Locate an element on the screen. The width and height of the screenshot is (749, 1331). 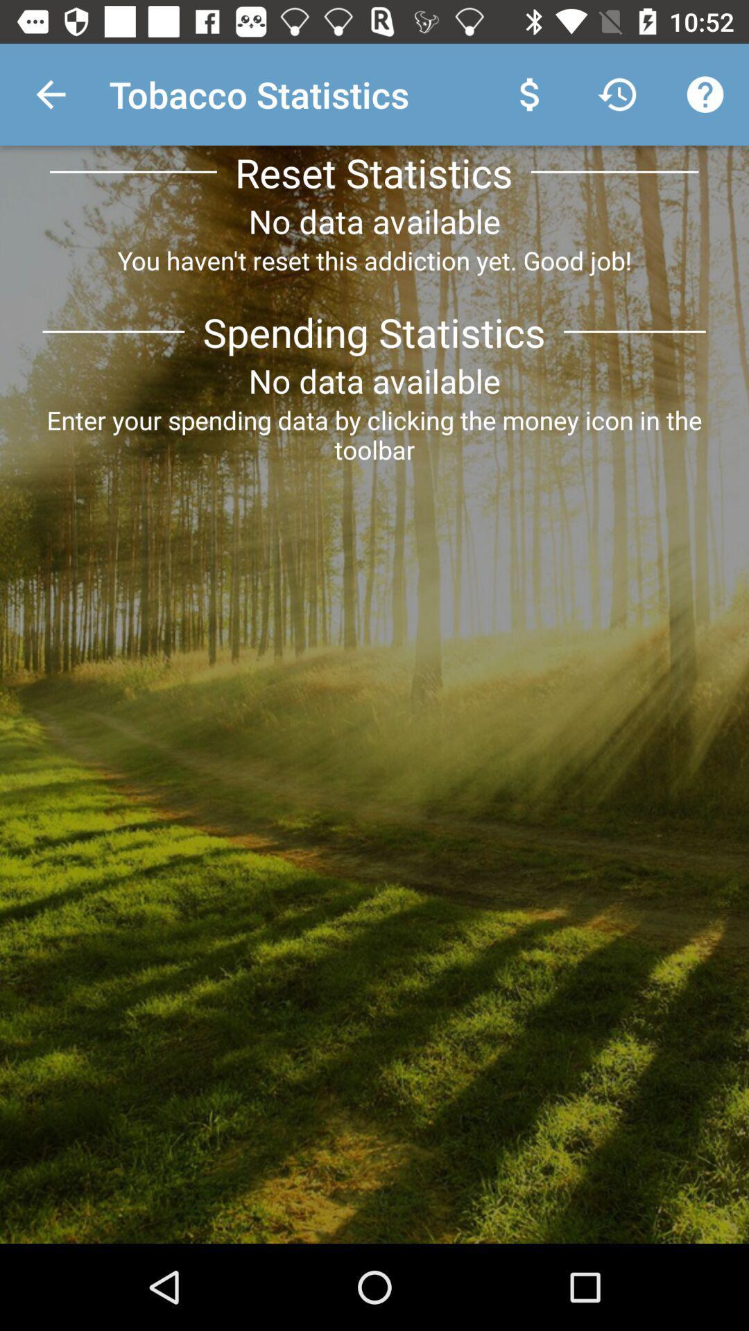
app to the left of the tobacco statistics is located at coordinates (50, 94).